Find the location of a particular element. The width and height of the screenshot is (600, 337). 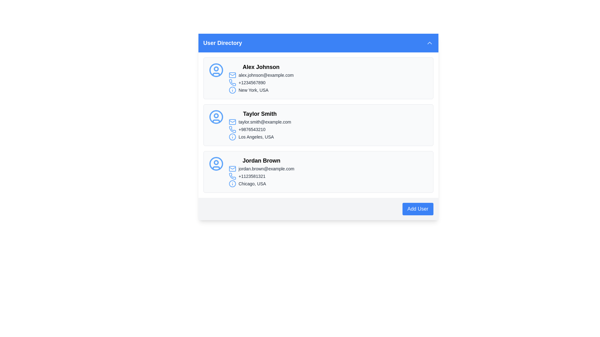

the third user contact card displaying user details located centrally in the user directory, positioned below 'Taylor Smith' and above the 'Add User' button is located at coordinates (318, 172).